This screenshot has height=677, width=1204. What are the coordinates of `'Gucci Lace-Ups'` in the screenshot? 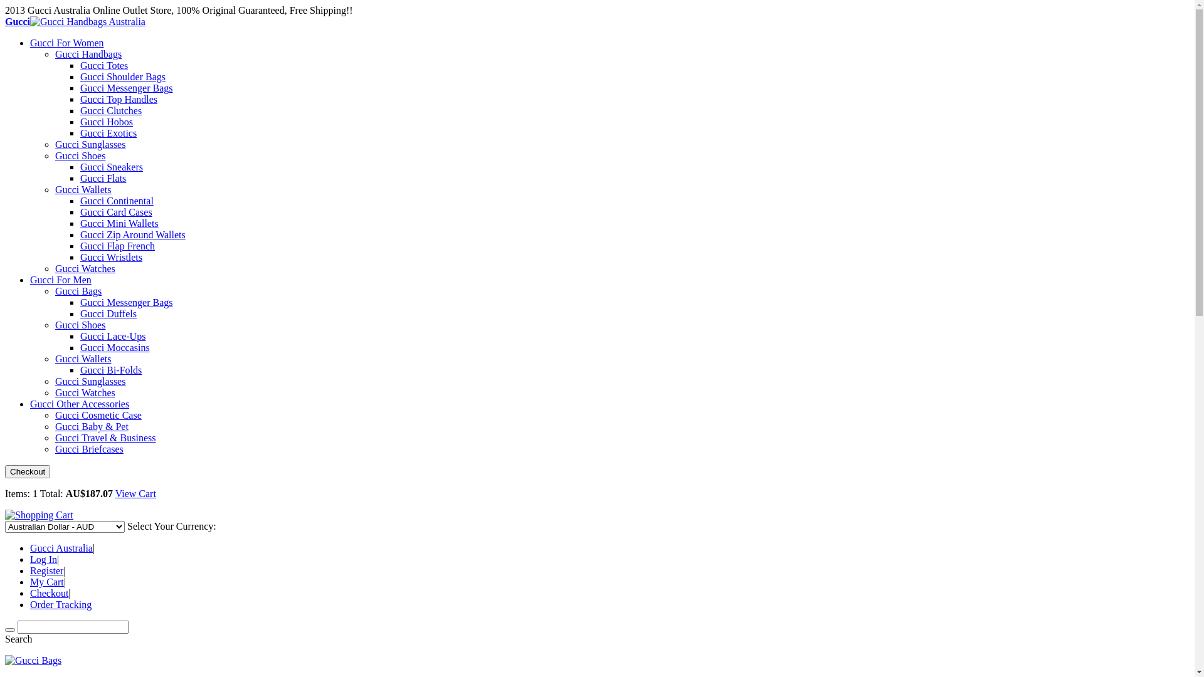 It's located at (113, 335).